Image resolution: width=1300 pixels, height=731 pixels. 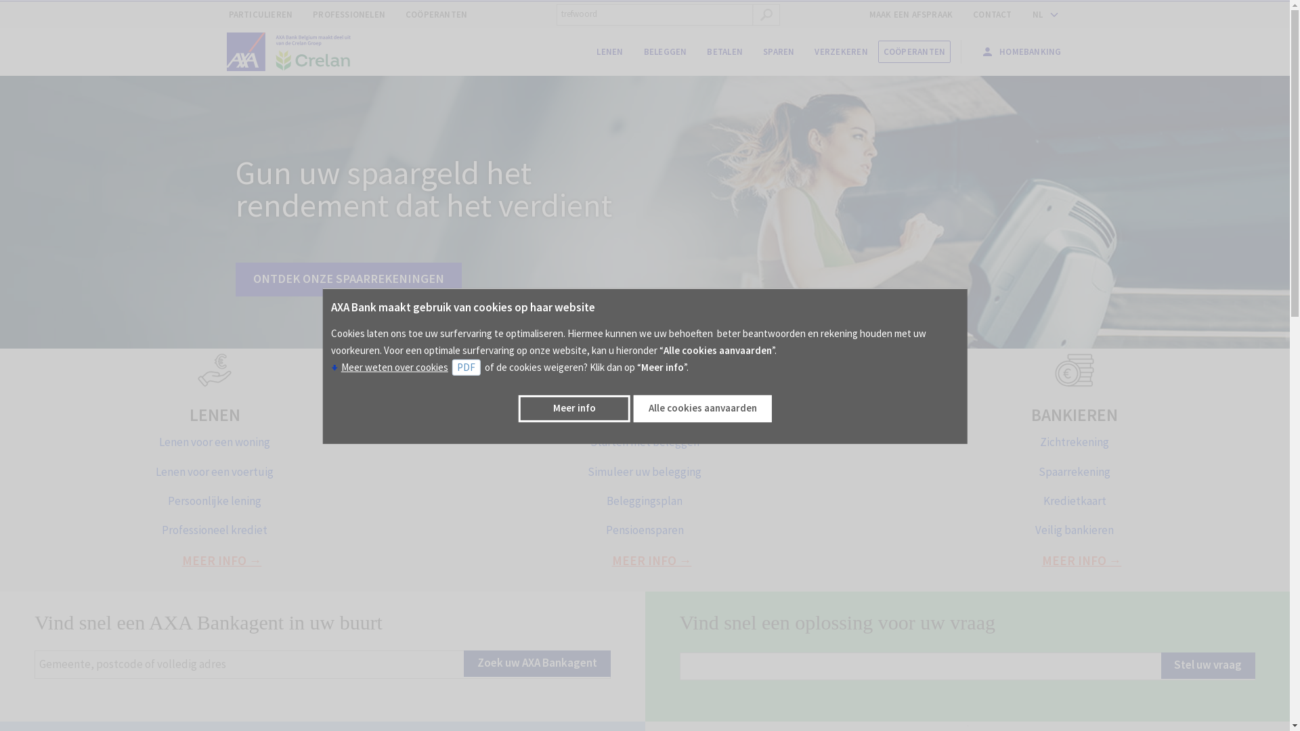 What do you see at coordinates (1074, 501) in the screenshot?
I see `'Kredietkaart'` at bounding box center [1074, 501].